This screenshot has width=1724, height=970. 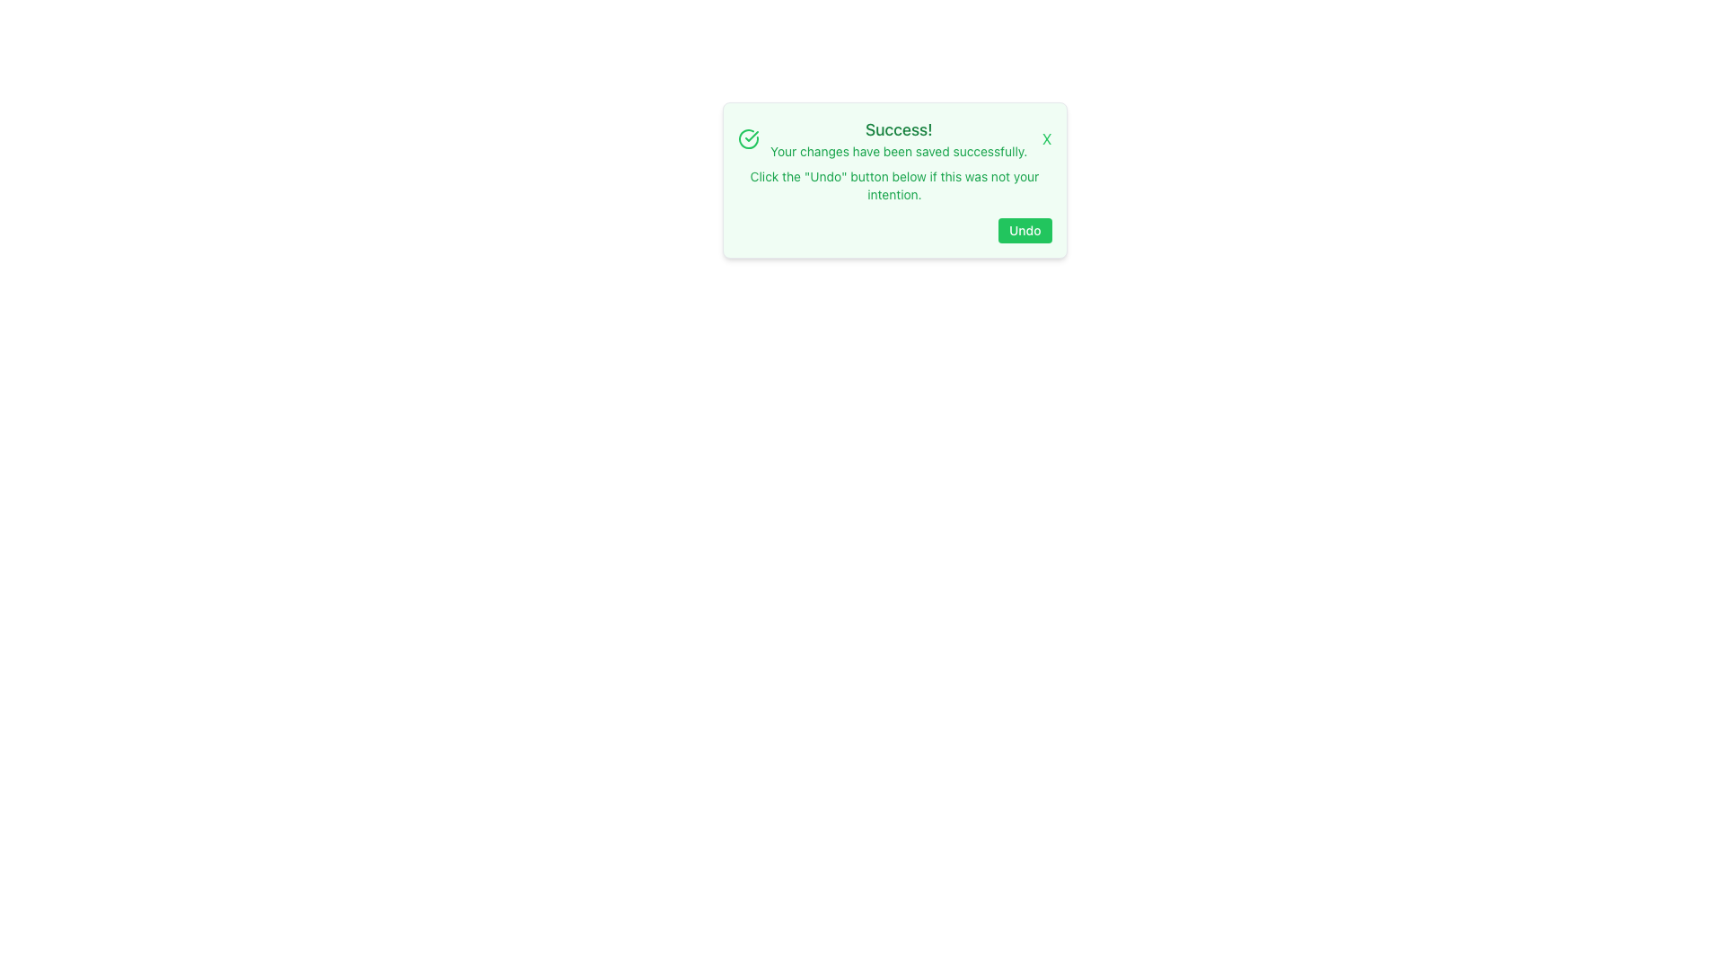 What do you see at coordinates (1025, 230) in the screenshot?
I see `the undo button located at the bottom-right corner of the light green notification box` at bounding box center [1025, 230].